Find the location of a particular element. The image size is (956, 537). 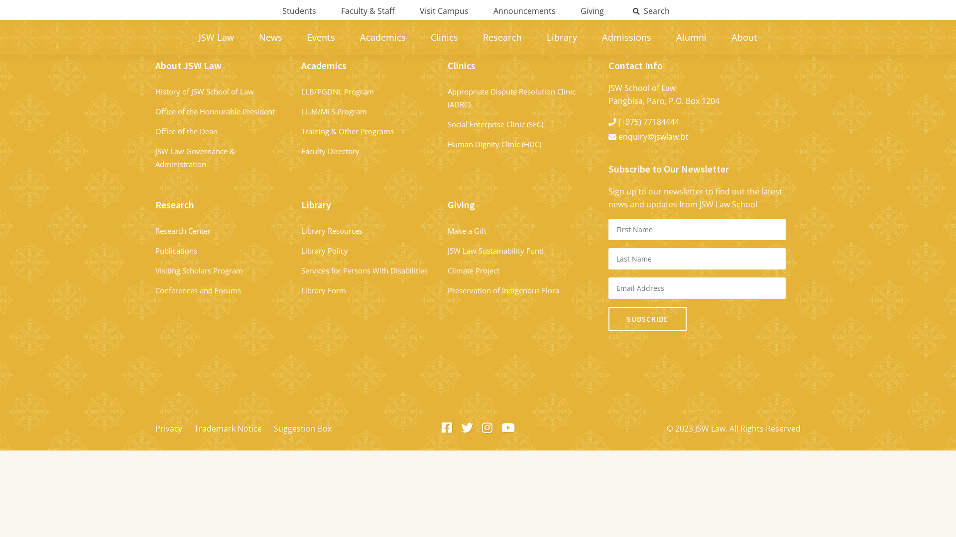

'Human Dignity Clinic (HDC)' is located at coordinates (494, 144).